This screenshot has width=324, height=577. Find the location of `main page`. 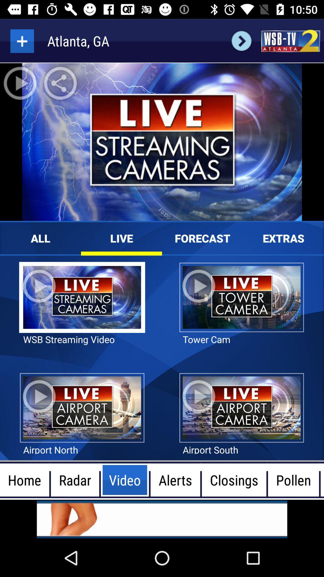

main page is located at coordinates (290, 41).